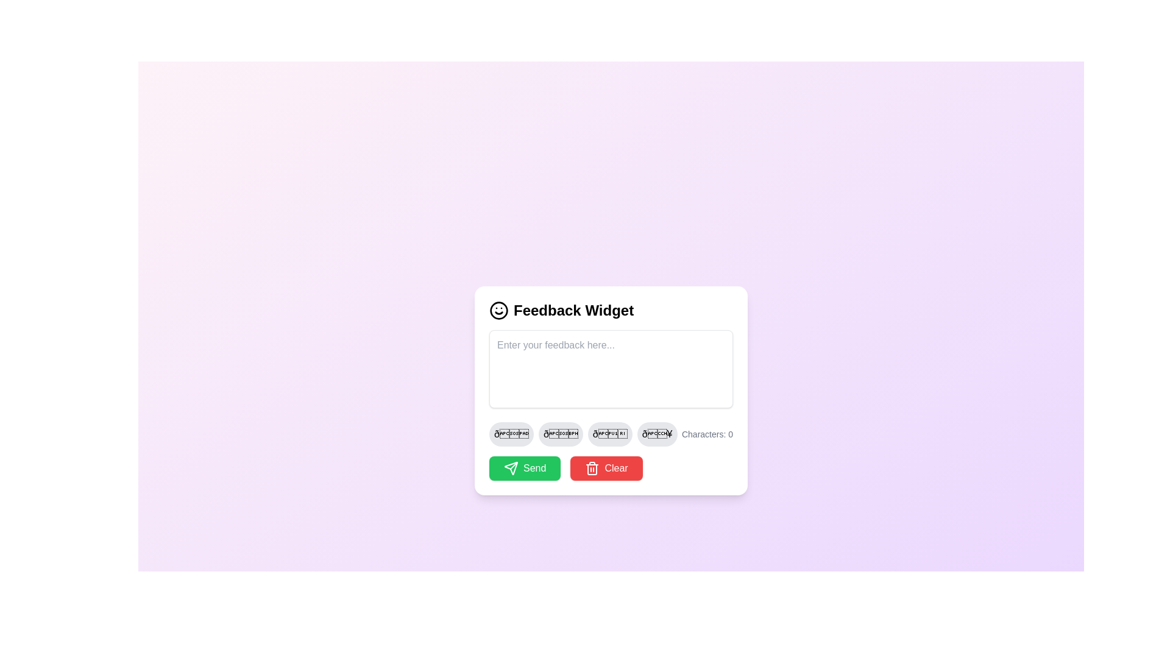 The width and height of the screenshot is (1170, 658). I want to click on the Text and Icon Header element at the top of the feedback form, which indicates the purpose of the form, so click(611, 310).